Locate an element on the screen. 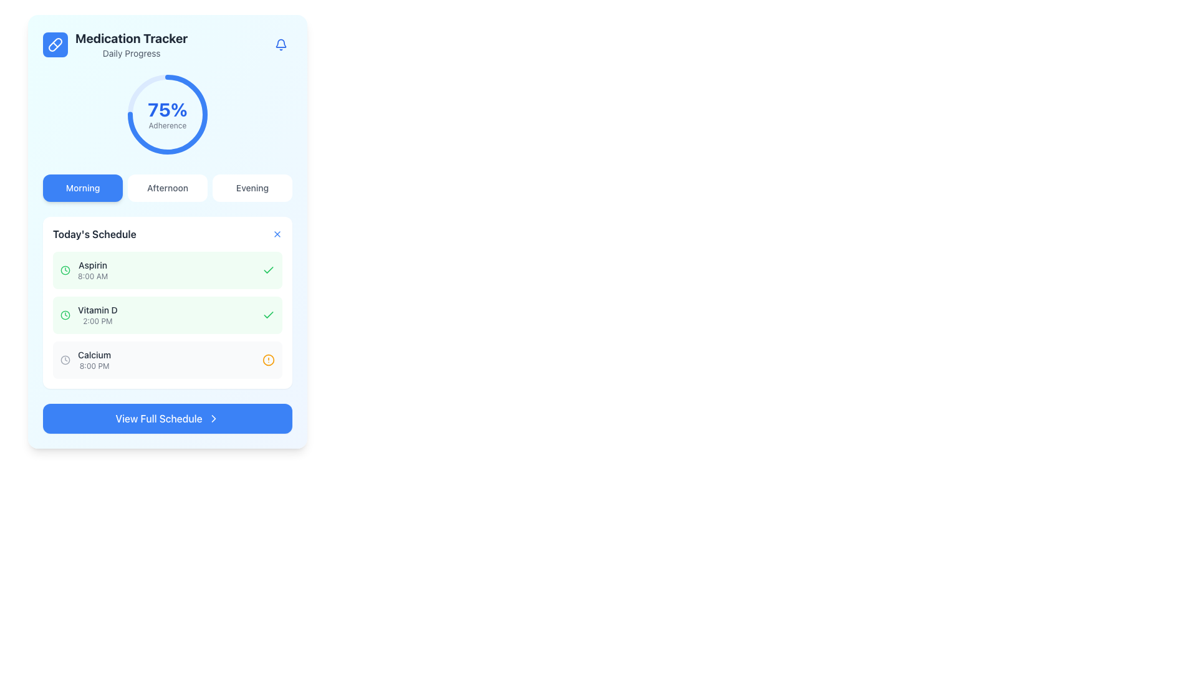  the green checkmark icon indicating completion next to 'Vitamin D' in the 'Today’s Schedule' list under the 'Medication Tracker' section is located at coordinates (268, 269).